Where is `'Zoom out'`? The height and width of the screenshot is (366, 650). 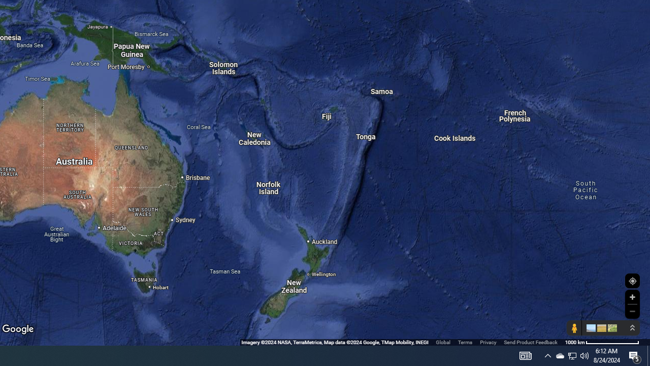
'Zoom out' is located at coordinates (632, 311).